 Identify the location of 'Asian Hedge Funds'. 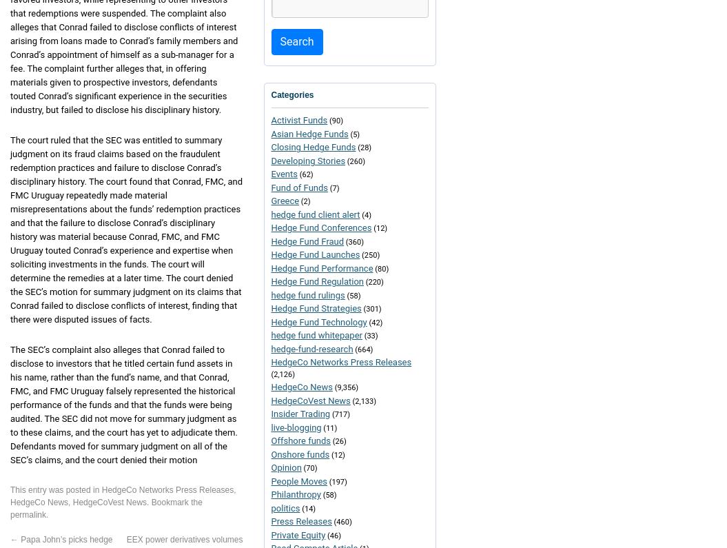
(309, 133).